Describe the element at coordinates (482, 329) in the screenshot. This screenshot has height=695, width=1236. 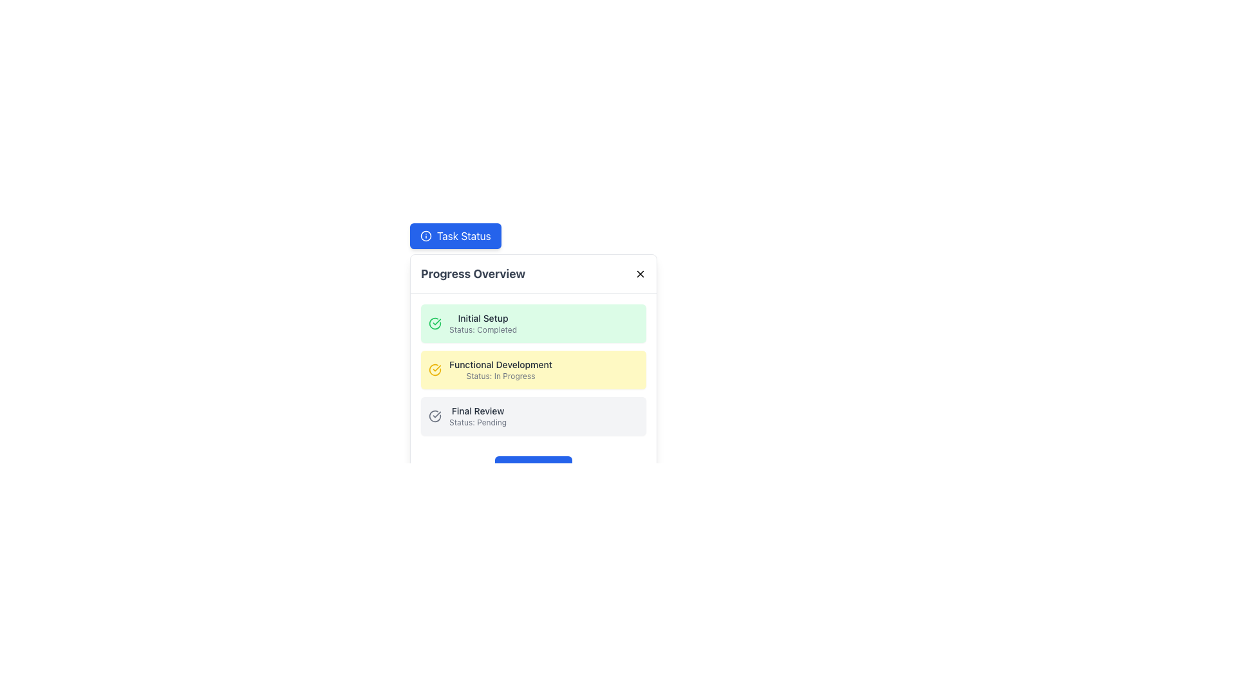
I see `informational text label that displays 'Status: Completed', located below the 'Initial Setup' label within the green-tinted block` at that location.